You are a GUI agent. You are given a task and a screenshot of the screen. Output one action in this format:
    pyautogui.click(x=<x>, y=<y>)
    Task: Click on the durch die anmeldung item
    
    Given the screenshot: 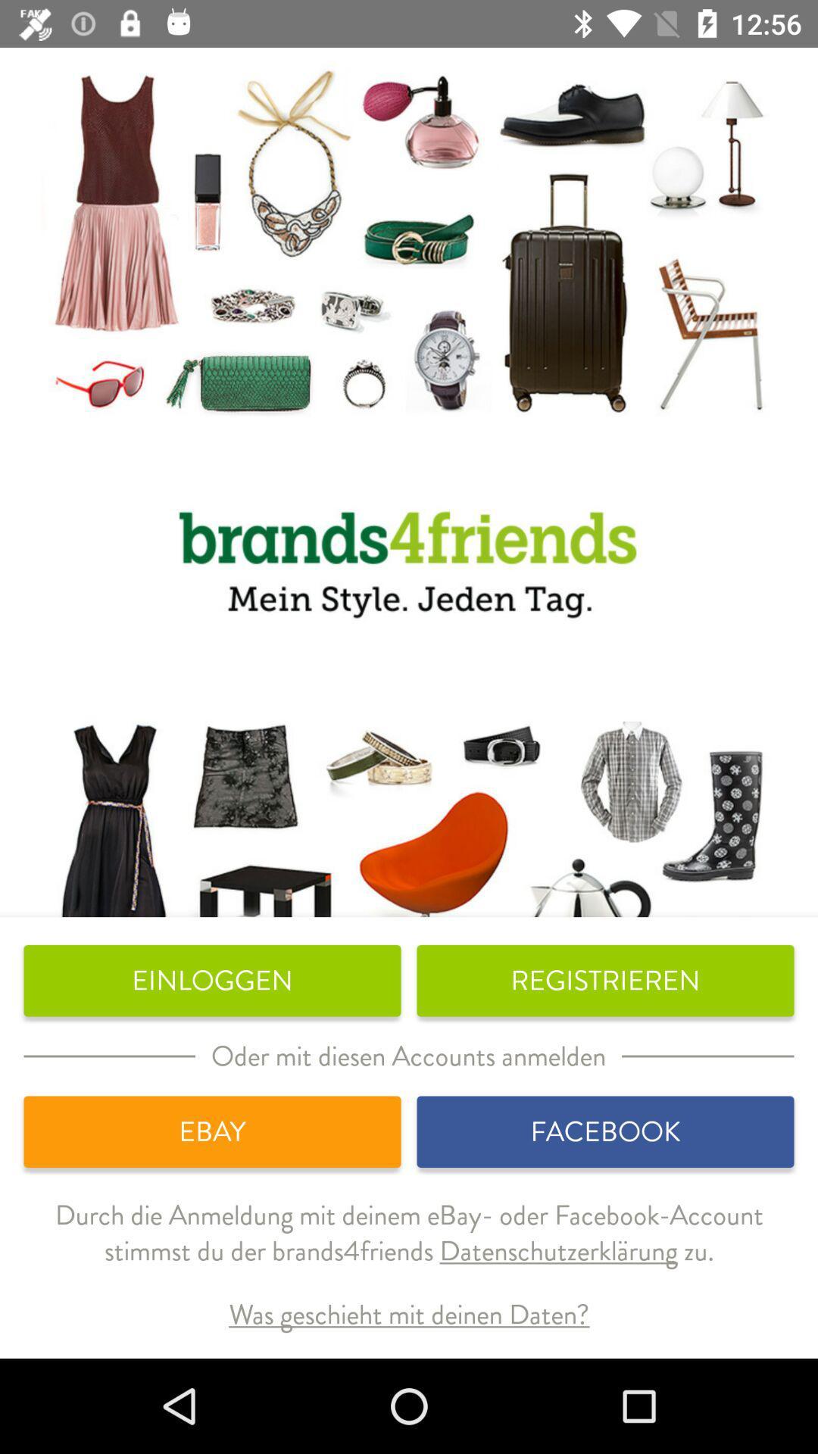 What is the action you would take?
    pyautogui.click(x=409, y=1245)
    